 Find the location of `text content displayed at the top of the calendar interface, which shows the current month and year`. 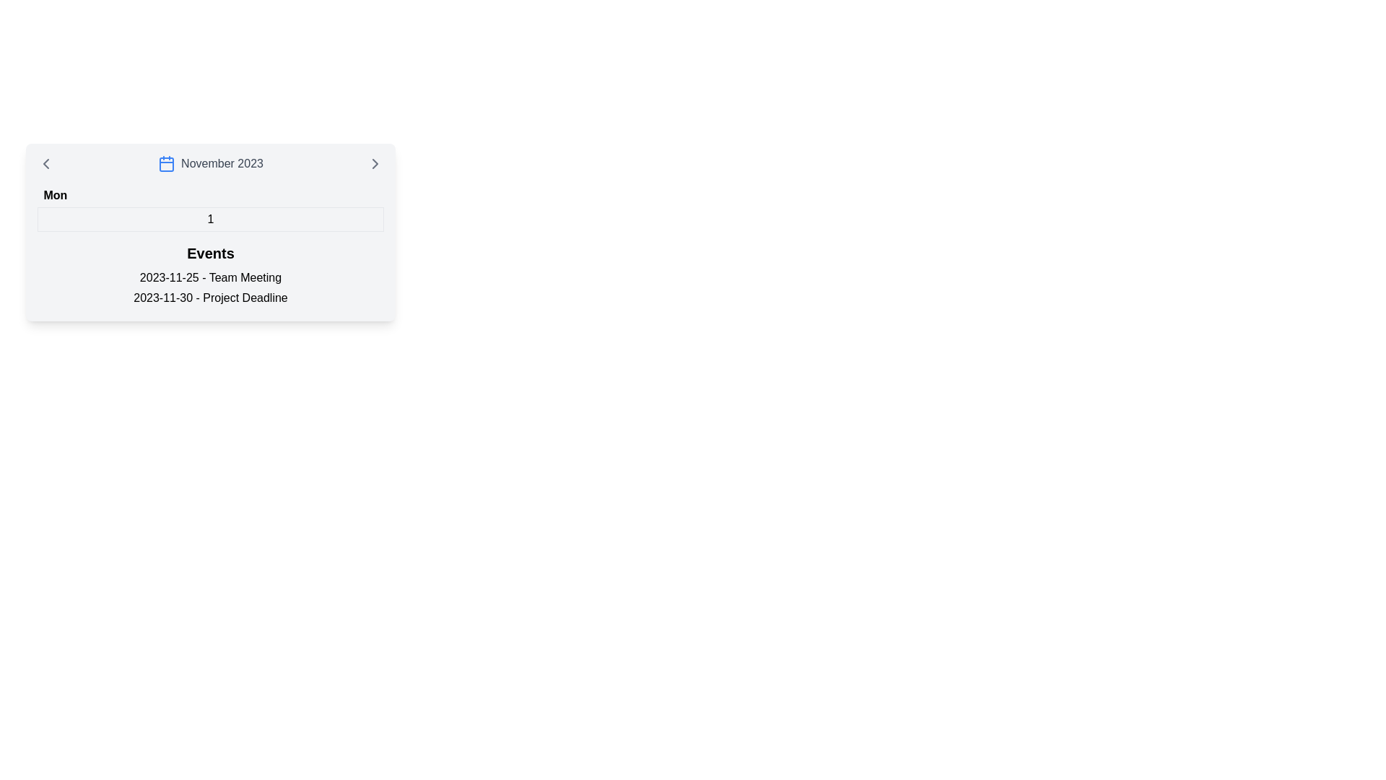

text content displayed at the top of the calendar interface, which shows the current month and year is located at coordinates (210, 163).